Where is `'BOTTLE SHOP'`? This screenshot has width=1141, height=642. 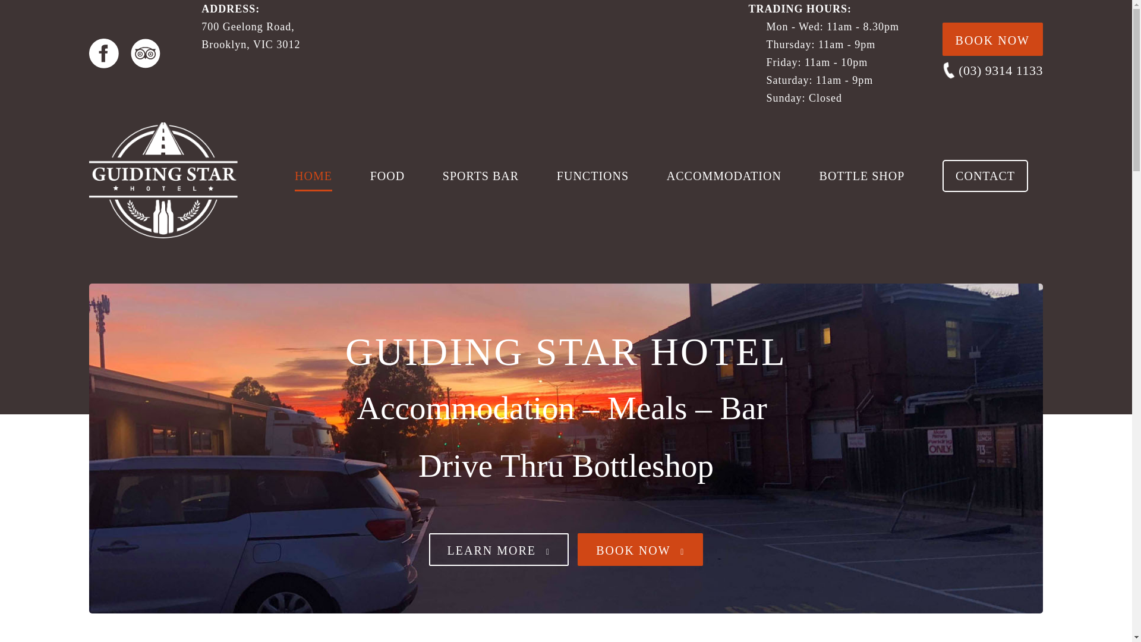 'BOTTLE SHOP' is located at coordinates (862, 176).